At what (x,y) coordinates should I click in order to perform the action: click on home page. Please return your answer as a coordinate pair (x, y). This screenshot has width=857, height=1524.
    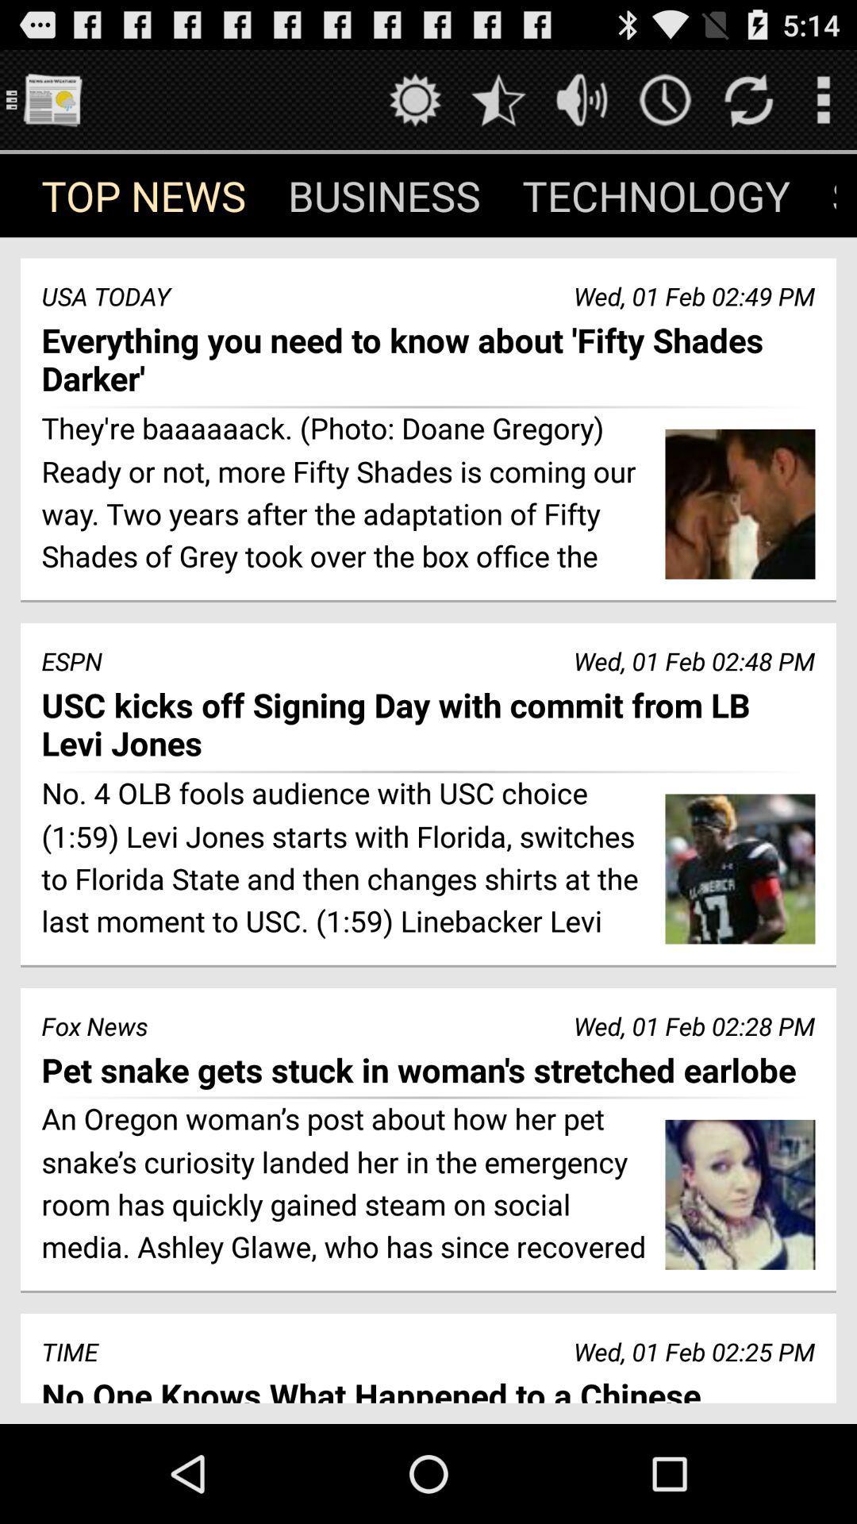
    Looking at the image, I should click on (51, 98).